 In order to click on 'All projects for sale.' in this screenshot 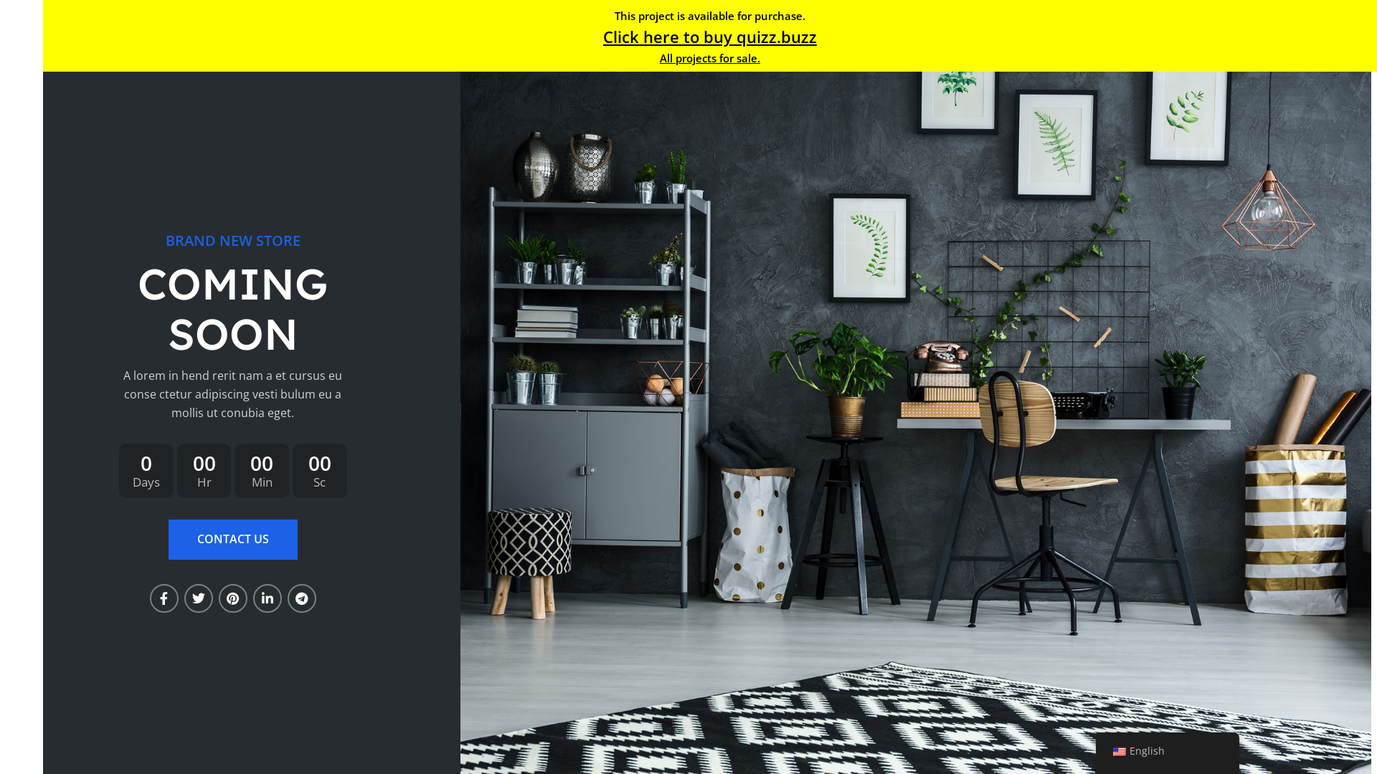, I will do `click(659, 57)`.